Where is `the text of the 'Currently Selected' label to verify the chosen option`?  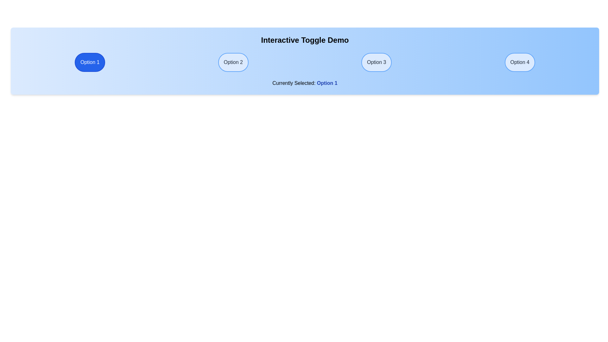 the text of the 'Currently Selected' label to verify the chosen option is located at coordinates (305, 83).